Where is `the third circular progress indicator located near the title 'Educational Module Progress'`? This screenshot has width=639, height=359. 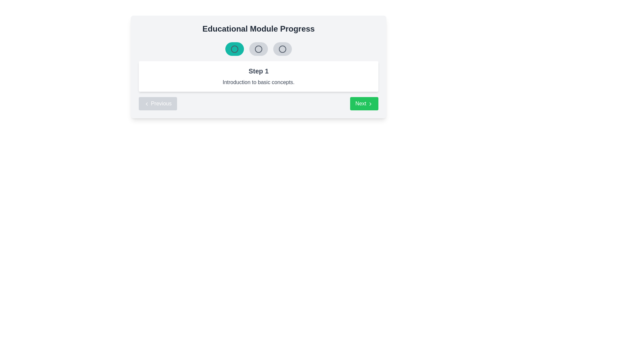 the third circular progress indicator located near the title 'Educational Module Progress' is located at coordinates (283, 48).